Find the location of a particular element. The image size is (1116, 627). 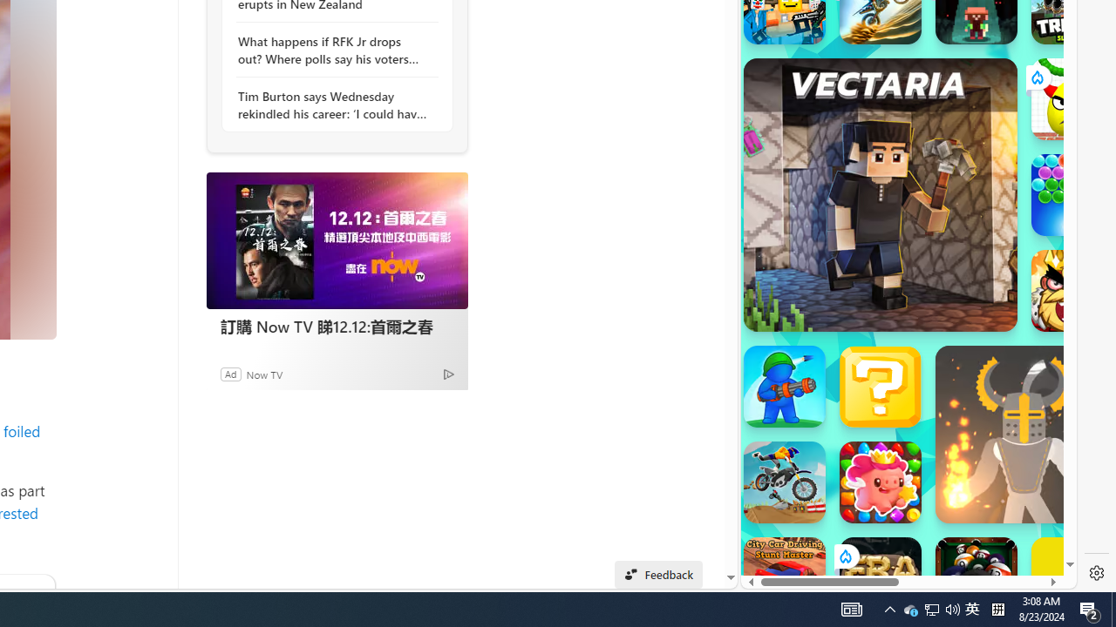

'Era: Evolution Era: Evolution' is located at coordinates (880, 578).